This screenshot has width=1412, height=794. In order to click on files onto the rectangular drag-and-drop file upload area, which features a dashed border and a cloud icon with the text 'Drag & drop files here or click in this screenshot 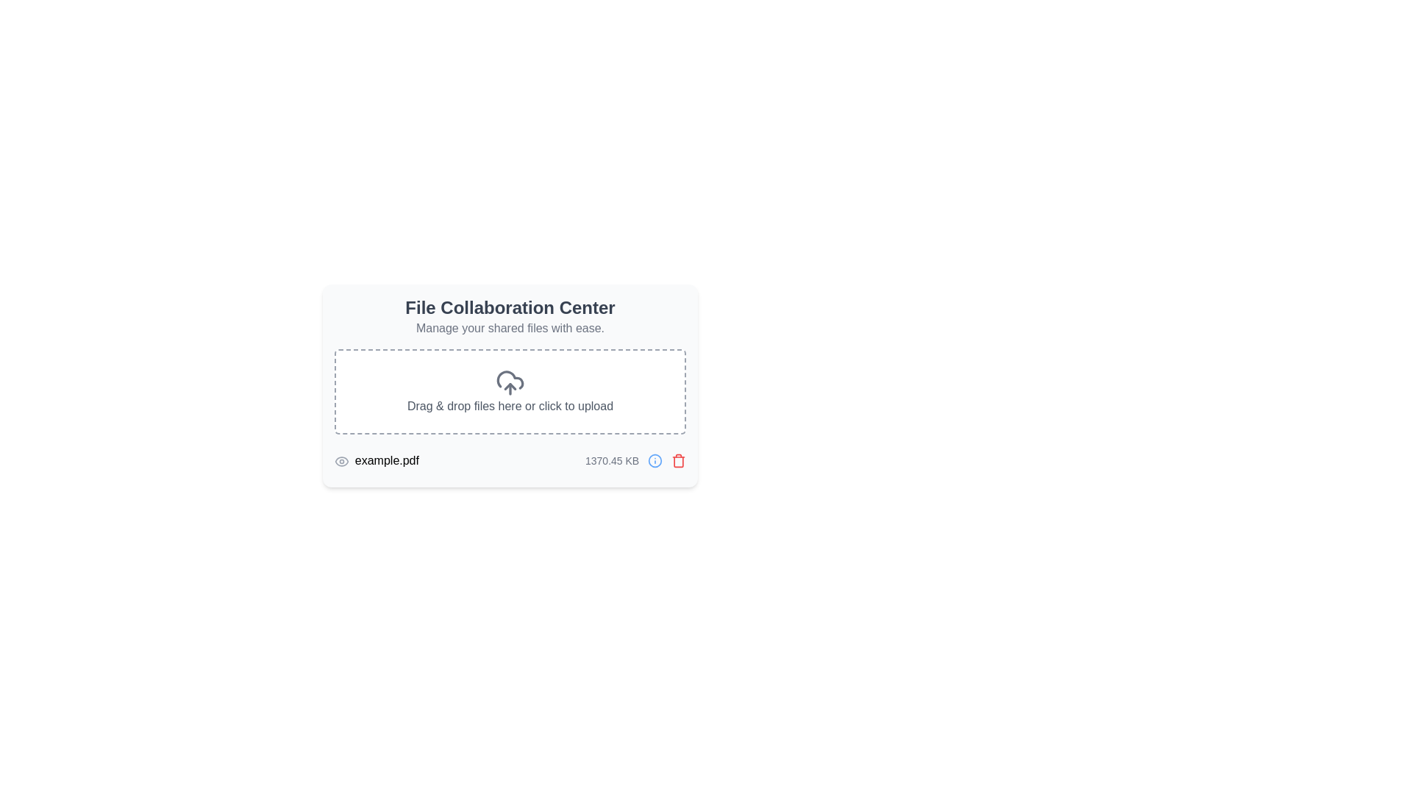, I will do `click(510, 390)`.